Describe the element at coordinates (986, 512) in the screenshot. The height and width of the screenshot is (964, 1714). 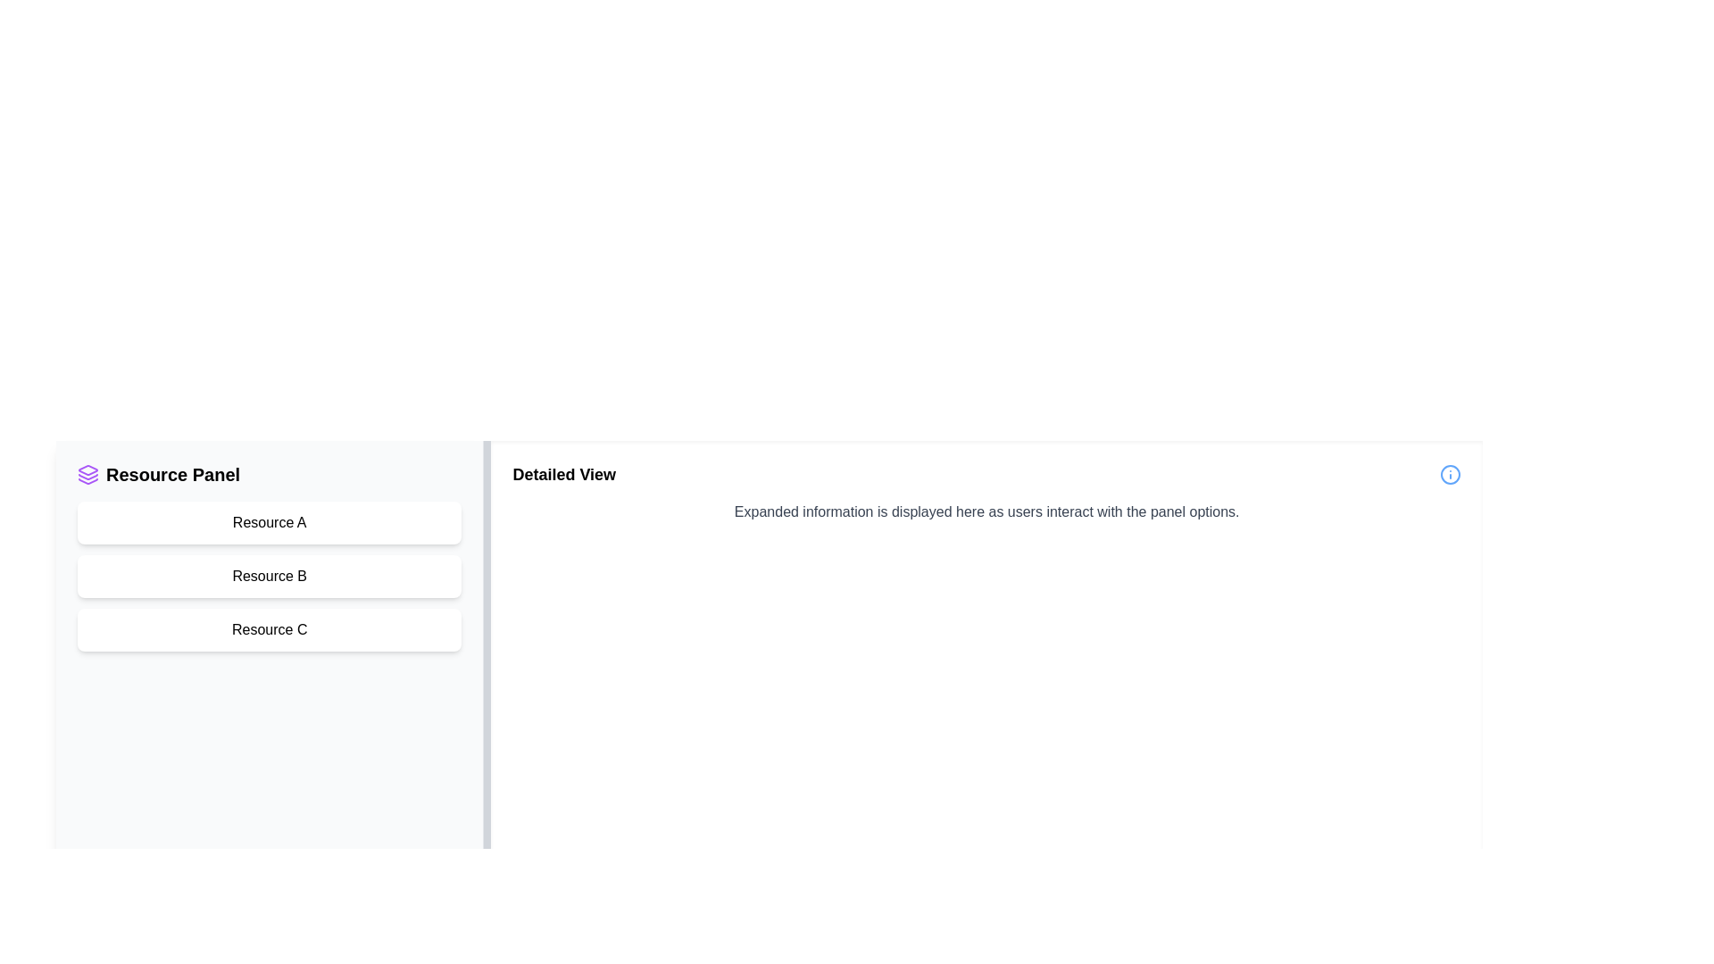
I see `the informational text element located in the 'Detailed View' section, positioned below the panel title and spanning horizontally across the width` at that location.